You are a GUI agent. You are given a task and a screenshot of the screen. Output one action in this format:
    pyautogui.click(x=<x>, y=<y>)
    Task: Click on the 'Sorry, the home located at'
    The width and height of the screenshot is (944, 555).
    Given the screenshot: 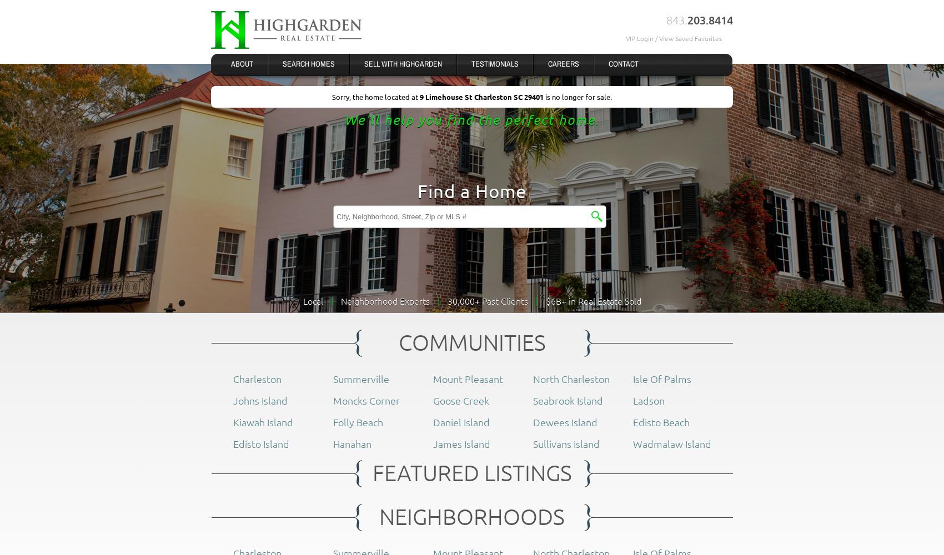 What is the action you would take?
    pyautogui.click(x=375, y=97)
    